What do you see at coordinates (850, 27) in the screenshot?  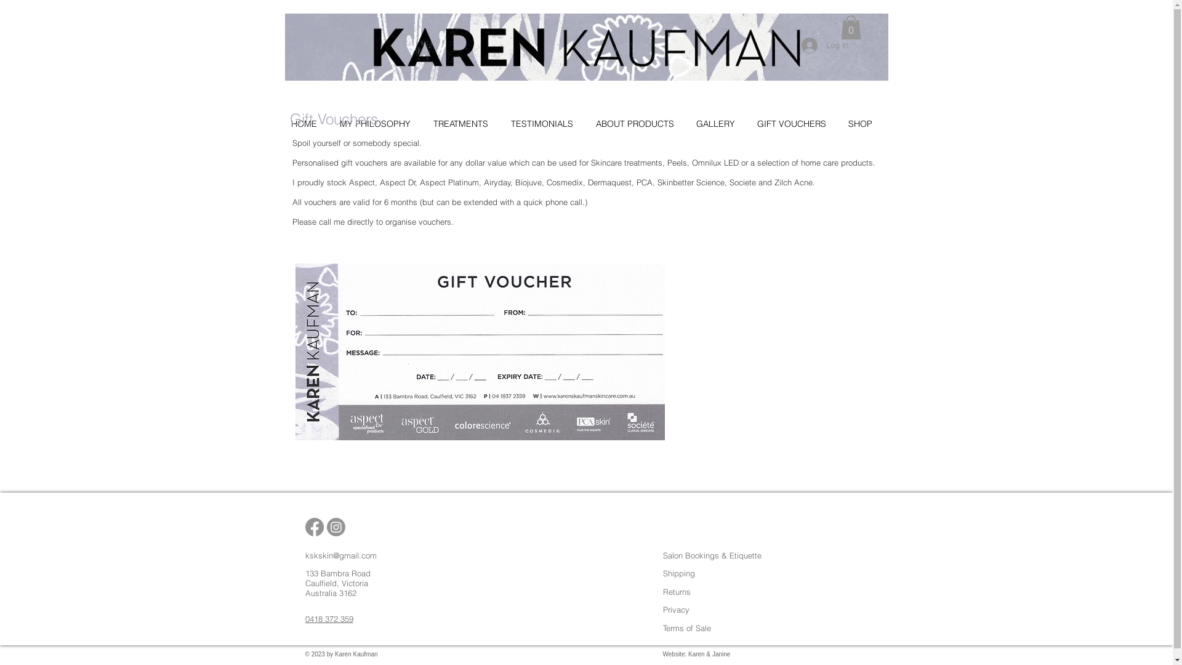 I see `'0'` at bounding box center [850, 27].